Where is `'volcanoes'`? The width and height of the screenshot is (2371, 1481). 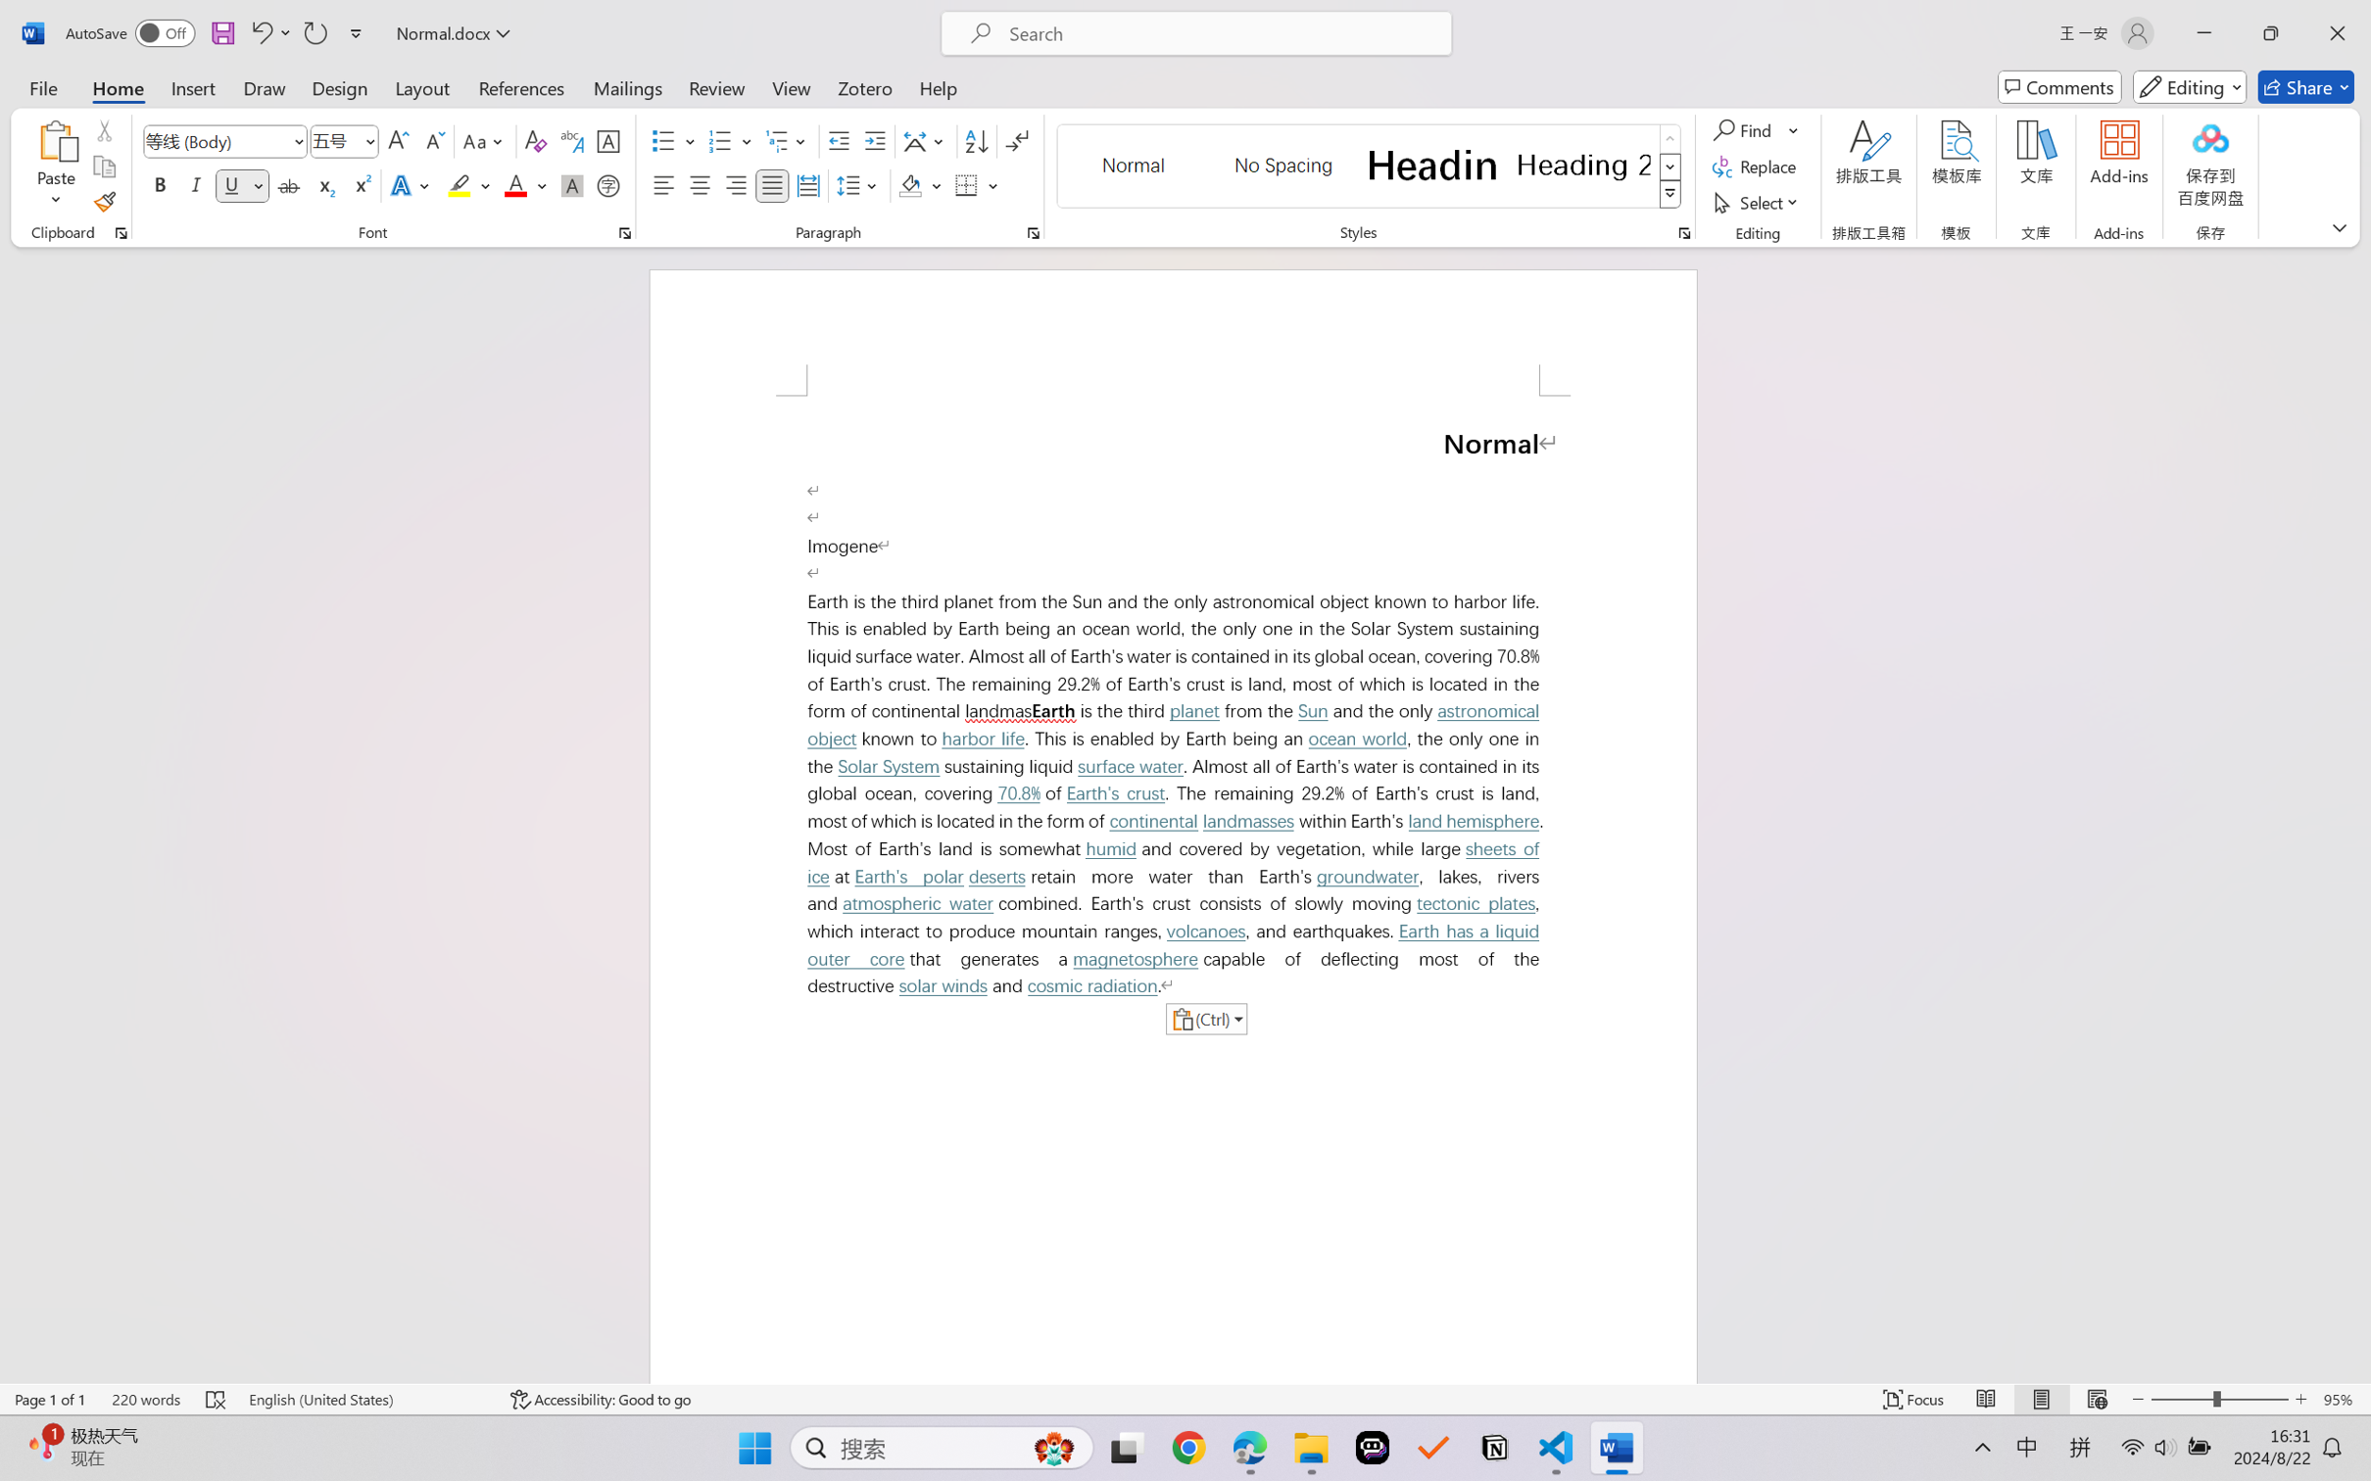
'volcanoes' is located at coordinates (1204, 932).